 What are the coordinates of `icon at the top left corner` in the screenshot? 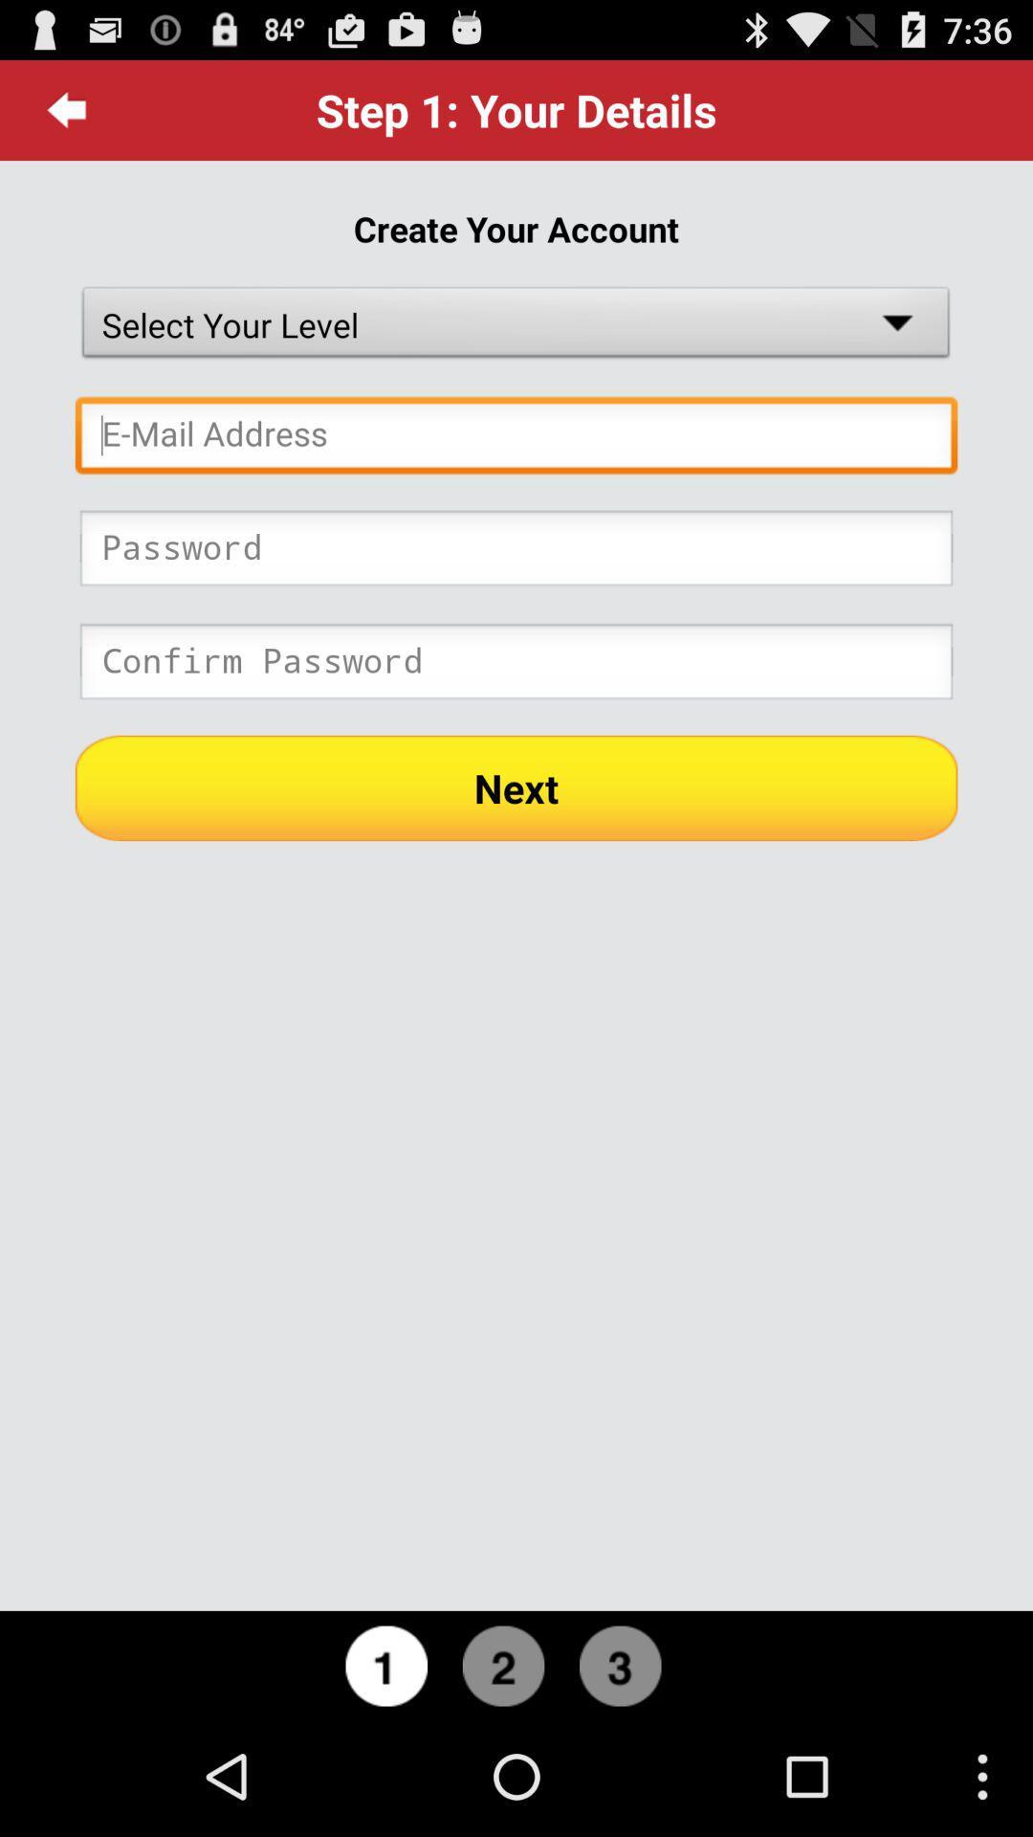 It's located at (66, 109).